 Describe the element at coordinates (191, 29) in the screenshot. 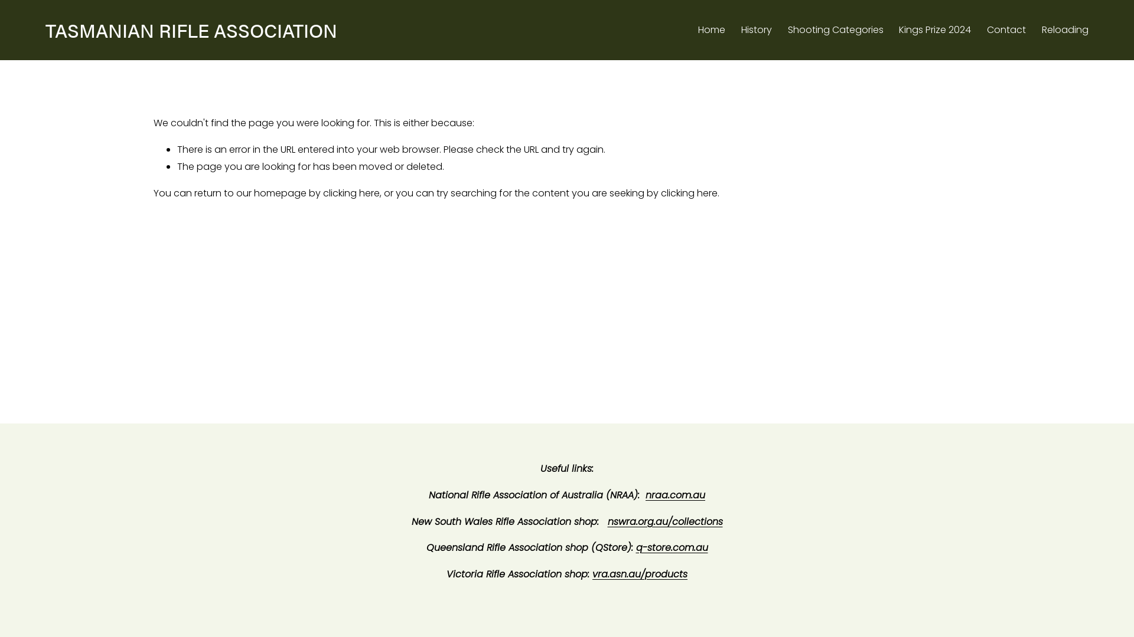

I see `'TASMANIAN RIFLE ASSOCIATION'` at that location.